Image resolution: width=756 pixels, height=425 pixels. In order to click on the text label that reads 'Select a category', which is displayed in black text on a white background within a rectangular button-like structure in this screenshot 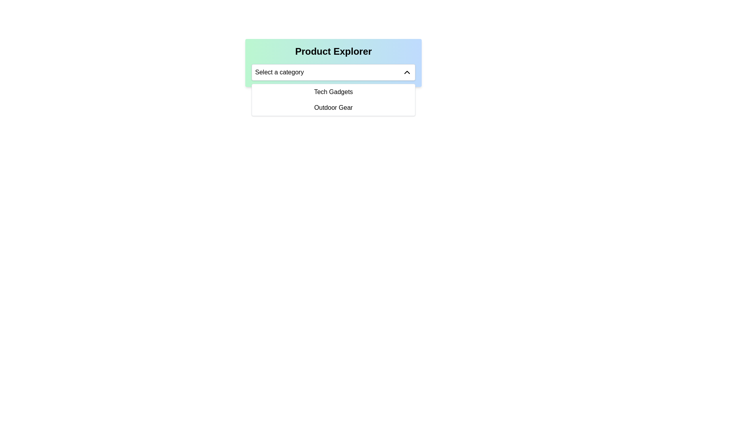, I will do `click(279, 72)`.